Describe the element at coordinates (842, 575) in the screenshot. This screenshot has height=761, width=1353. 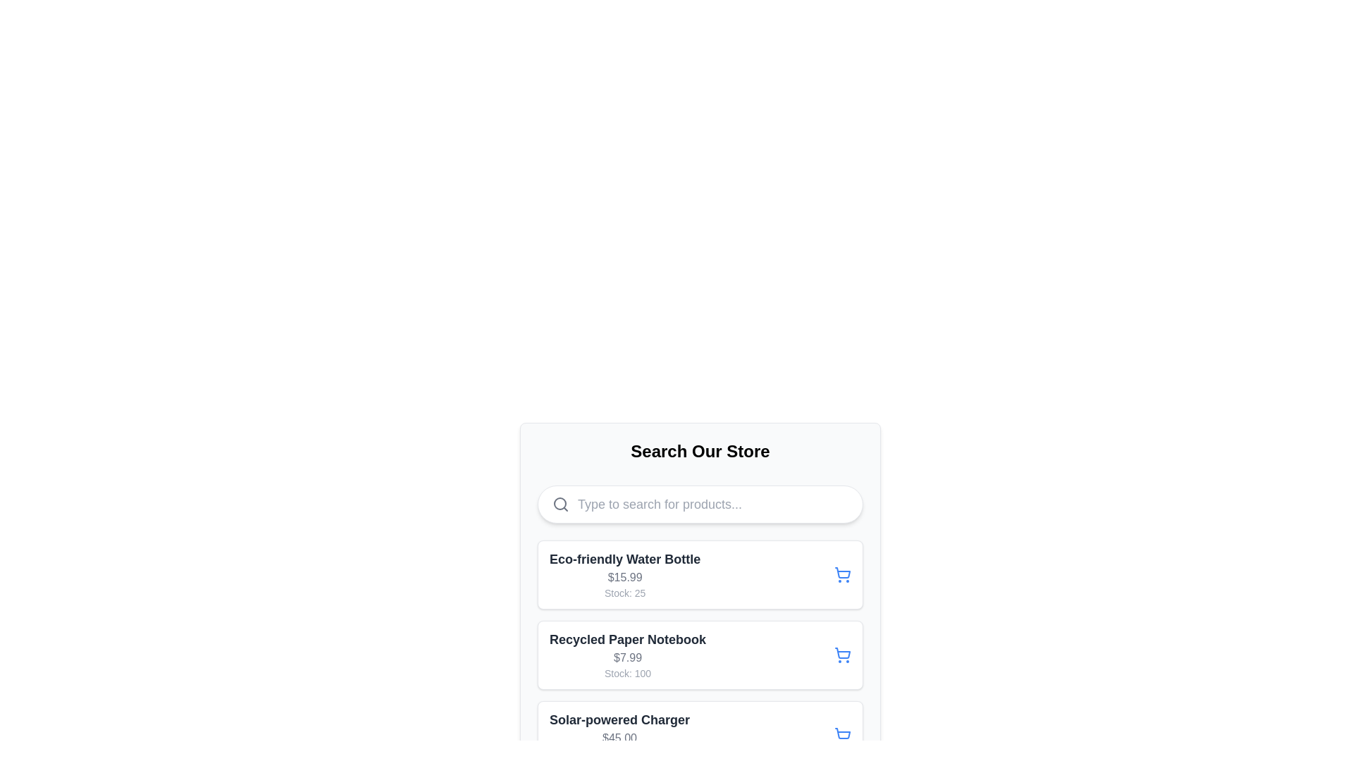
I see `the shopping cart icon located to the far right of the 'Eco-friendly Water Bottle' content block` at that location.